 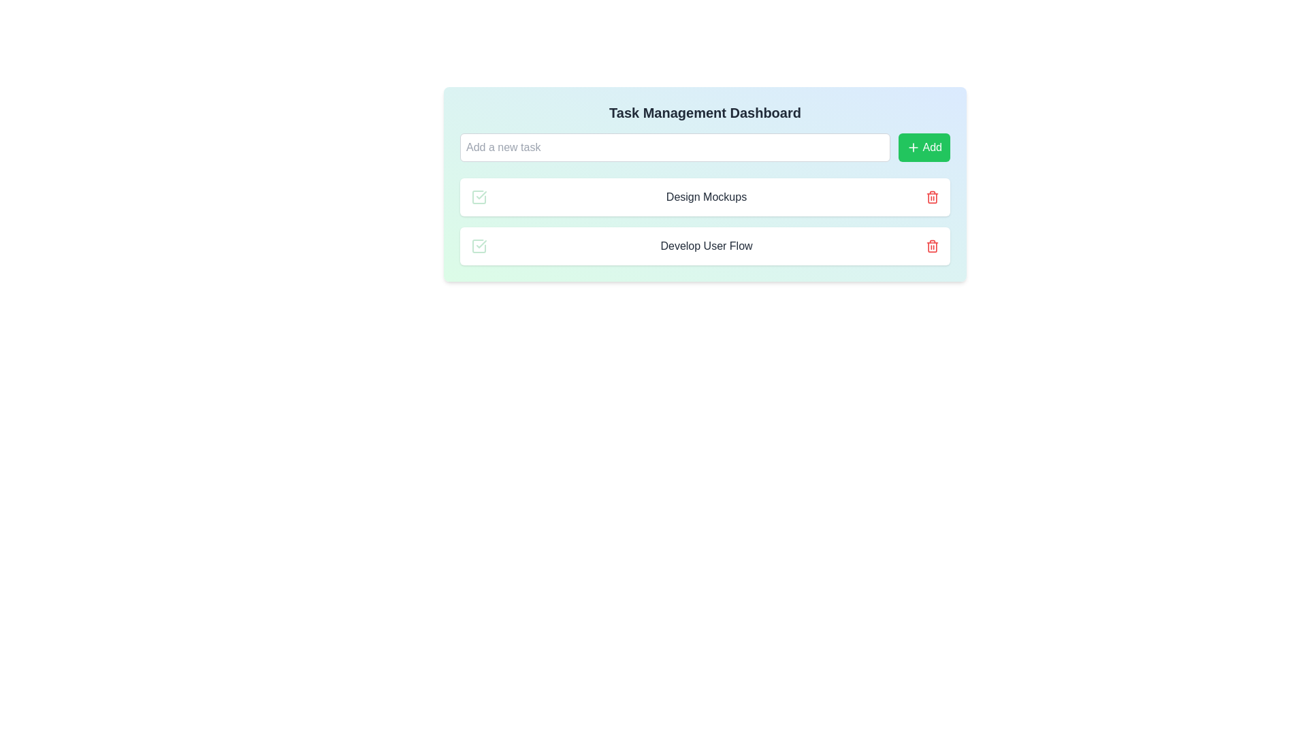 I want to click on the text label displaying the title 'Design Mockups' in bold, dark gray font, which is centrally located in the first task row, so click(x=706, y=197).